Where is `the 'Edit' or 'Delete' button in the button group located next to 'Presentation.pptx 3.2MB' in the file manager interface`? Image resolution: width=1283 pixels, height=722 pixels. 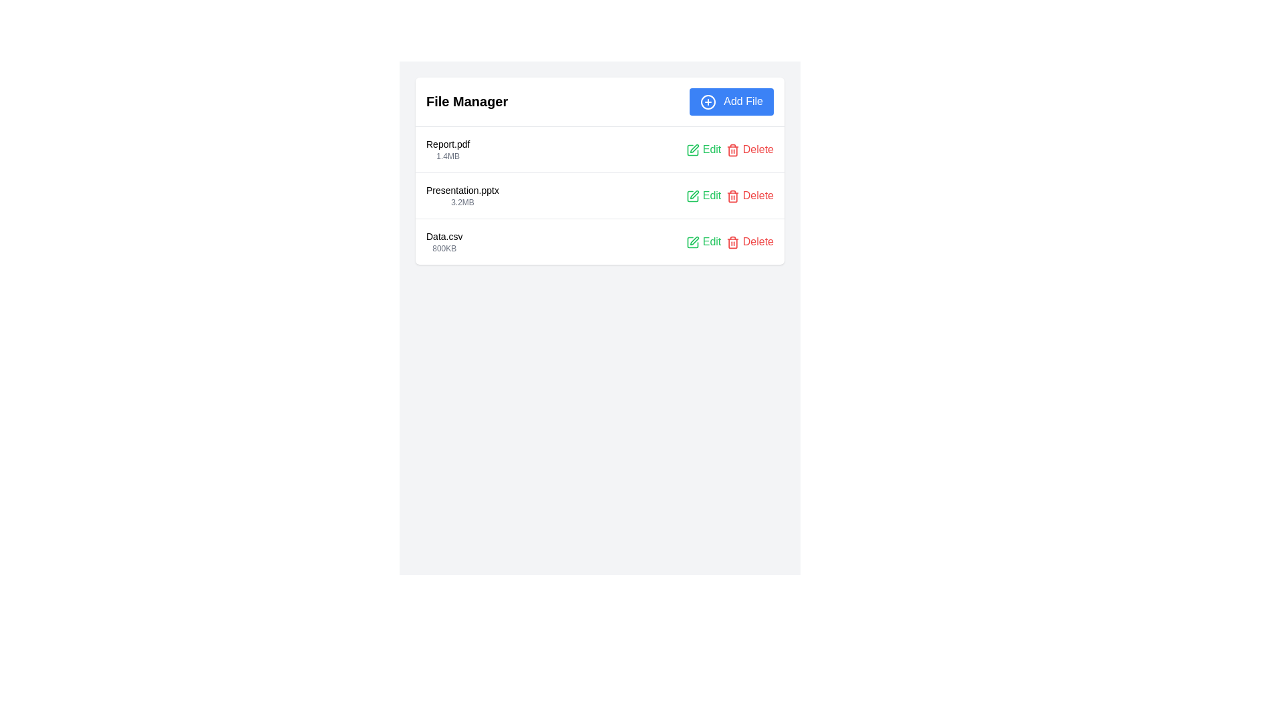 the 'Edit' or 'Delete' button in the button group located next to 'Presentation.pptx 3.2MB' in the file manager interface is located at coordinates (729, 195).